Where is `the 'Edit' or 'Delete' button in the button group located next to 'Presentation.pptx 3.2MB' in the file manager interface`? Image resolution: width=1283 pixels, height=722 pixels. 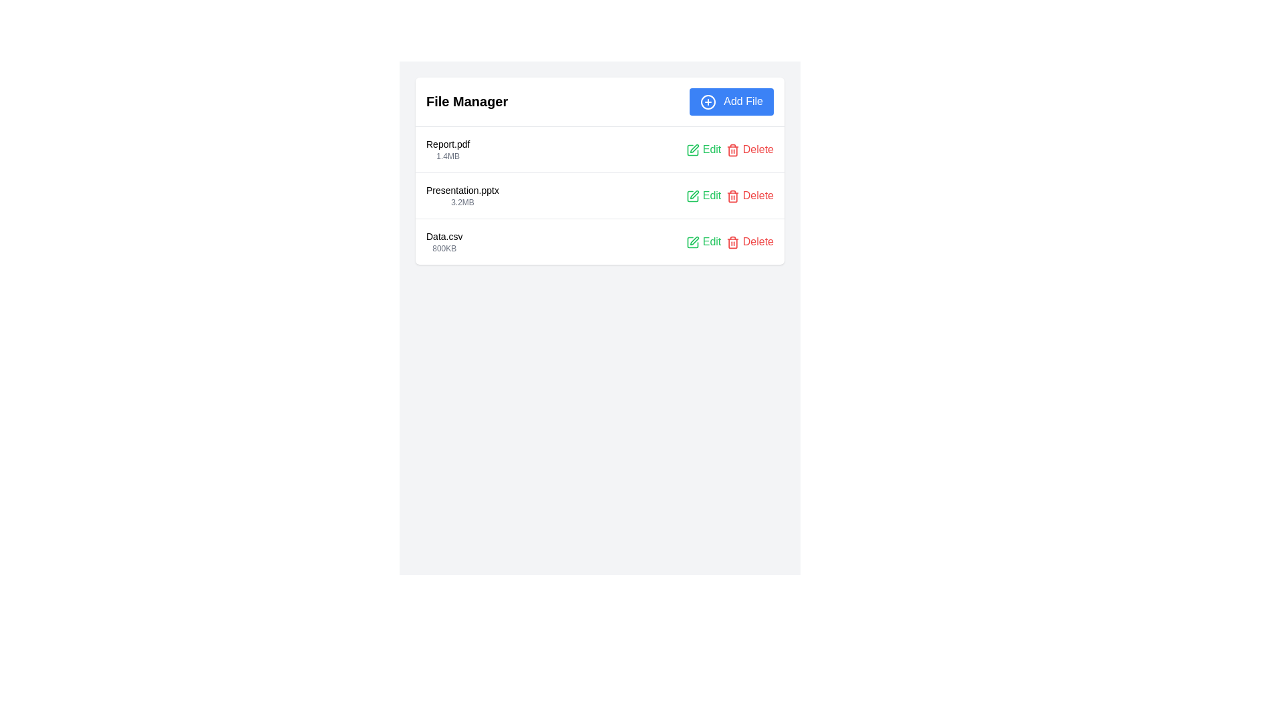 the 'Edit' or 'Delete' button in the button group located next to 'Presentation.pptx 3.2MB' in the file manager interface is located at coordinates (729, 195).